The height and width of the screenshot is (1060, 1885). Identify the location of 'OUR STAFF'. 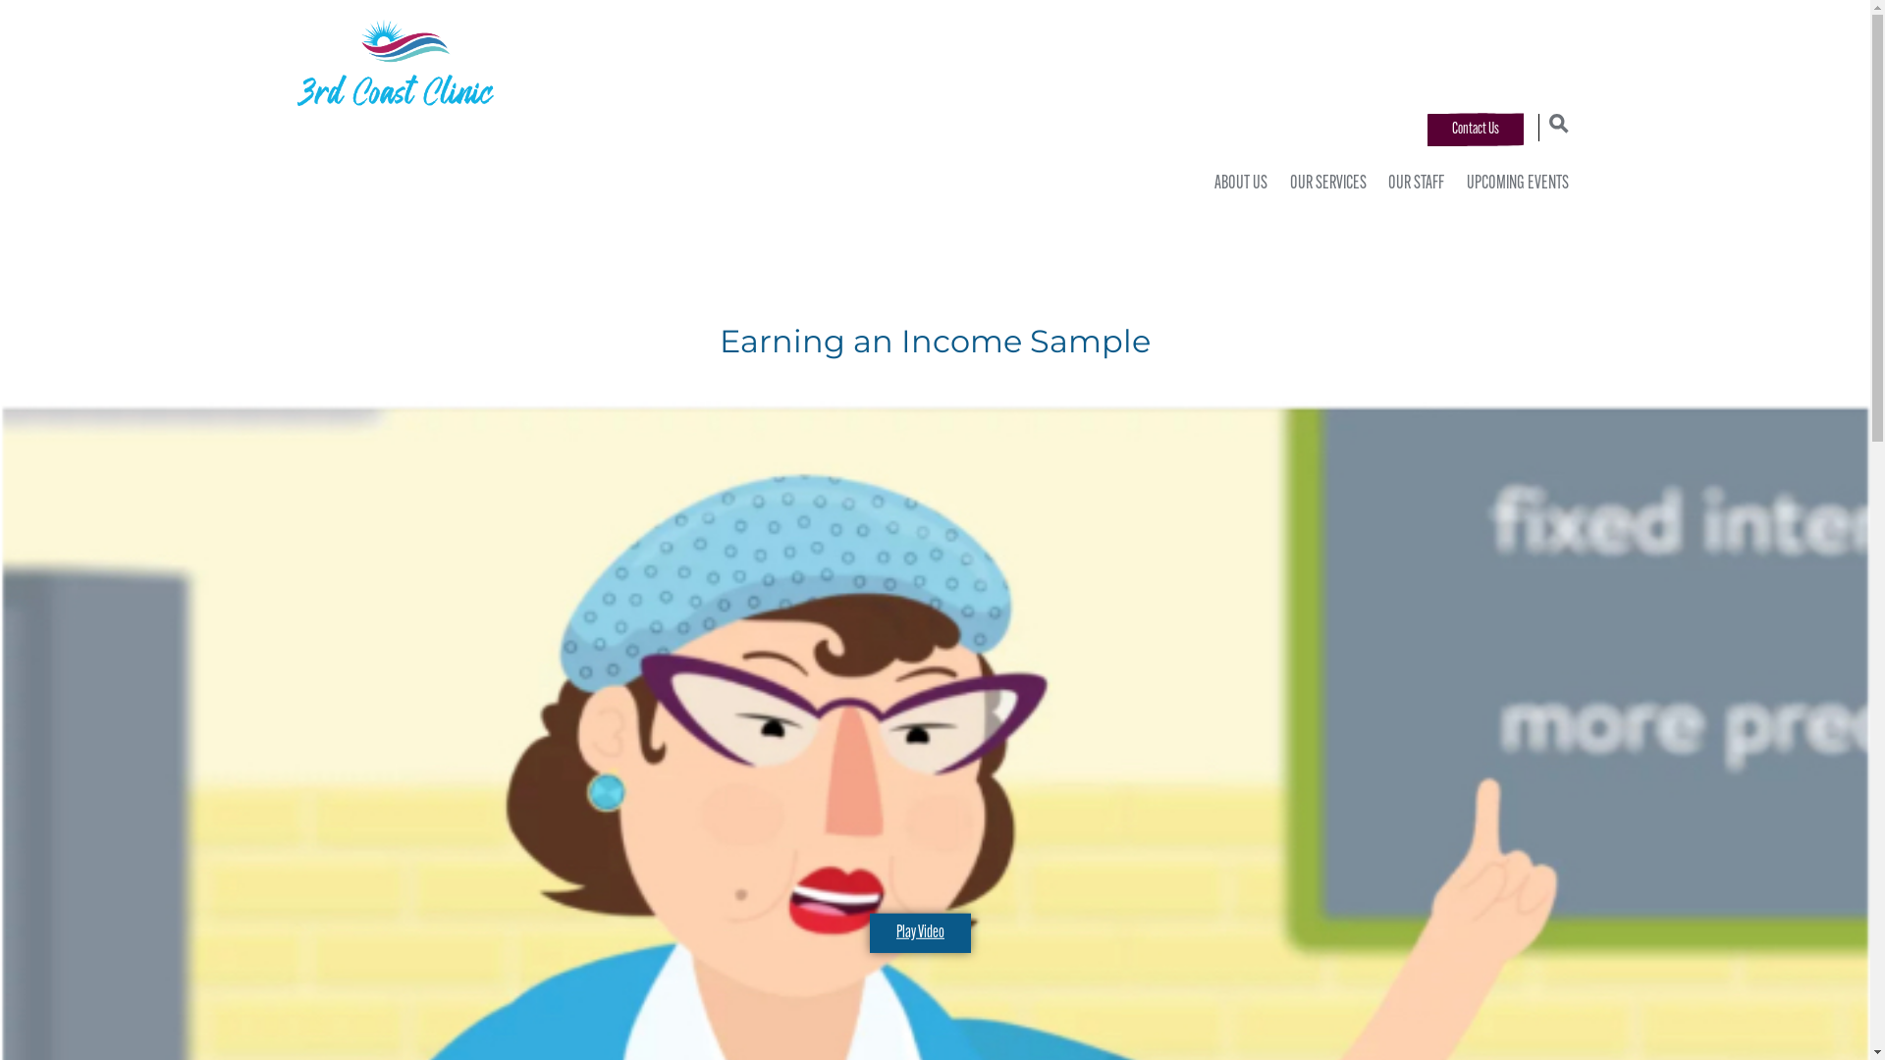
(1411, 185).